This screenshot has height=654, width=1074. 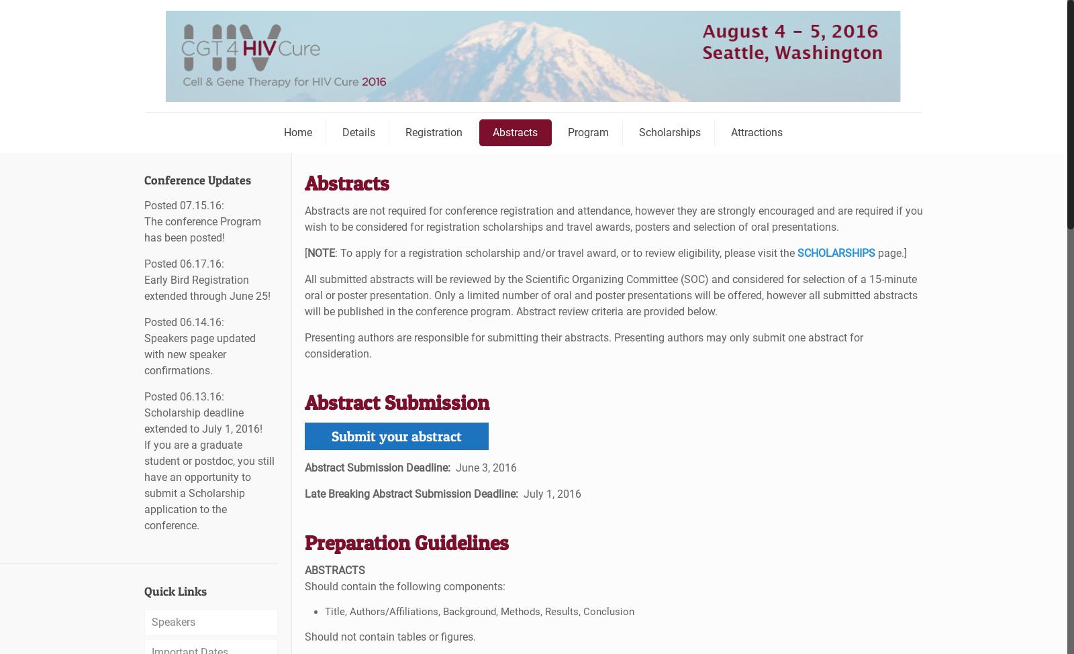 What do you see at coordinates (199, 353) in the screenshot?
I see `'Speakers page updated with new speaker confirmations.'` at bounding box center [199, 353].